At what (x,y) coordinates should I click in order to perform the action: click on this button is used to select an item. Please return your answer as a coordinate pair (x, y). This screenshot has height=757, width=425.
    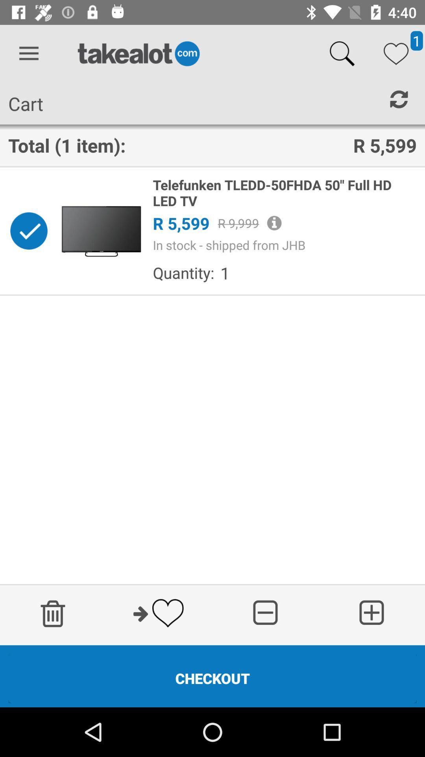
    Looking at the image, I should click on (28, 230).